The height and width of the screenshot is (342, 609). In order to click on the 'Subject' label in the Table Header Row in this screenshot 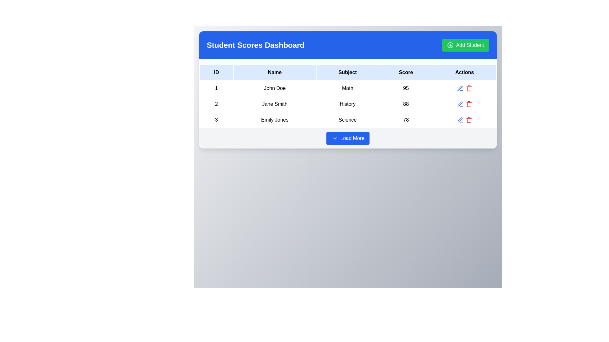, I will do `click(348, 72)`.